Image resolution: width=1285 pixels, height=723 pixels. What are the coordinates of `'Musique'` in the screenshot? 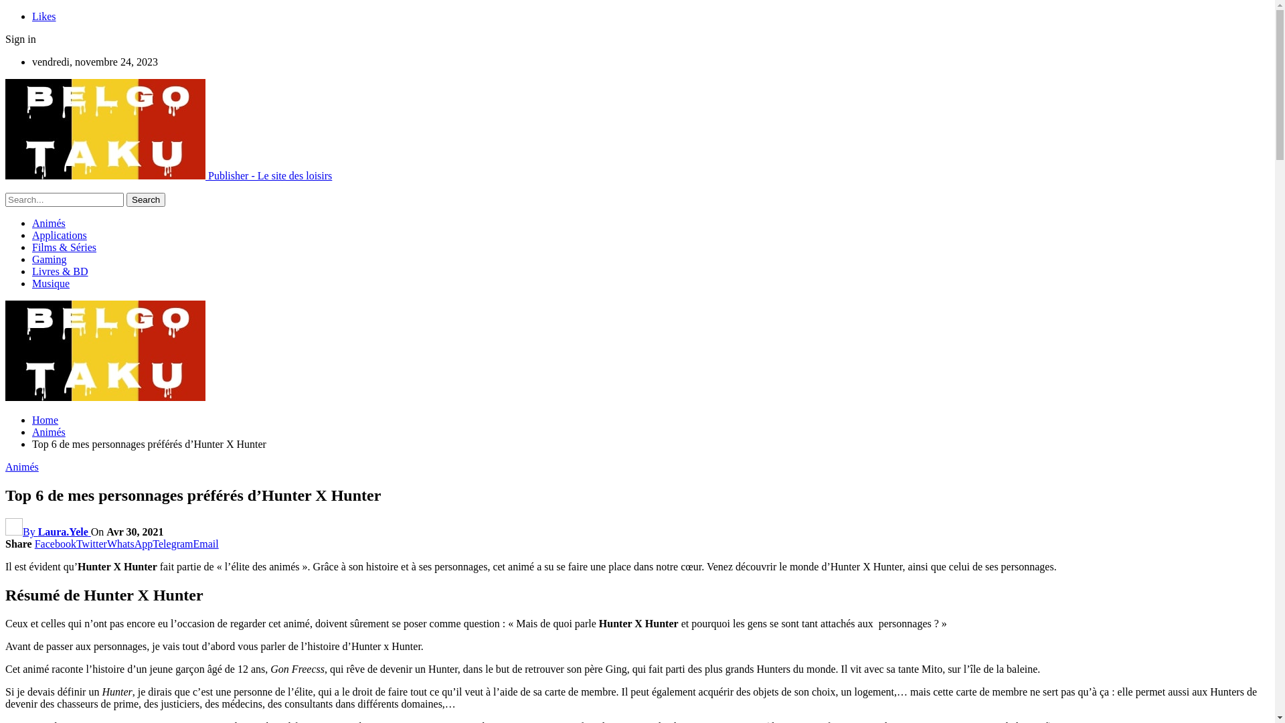 It's located at (32, 283).